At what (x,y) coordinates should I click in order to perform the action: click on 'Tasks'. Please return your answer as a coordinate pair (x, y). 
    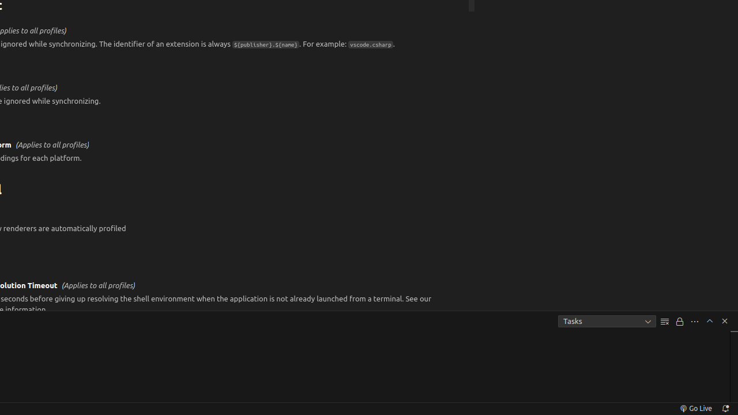
    Looking at the image, I should click on (607, 321).